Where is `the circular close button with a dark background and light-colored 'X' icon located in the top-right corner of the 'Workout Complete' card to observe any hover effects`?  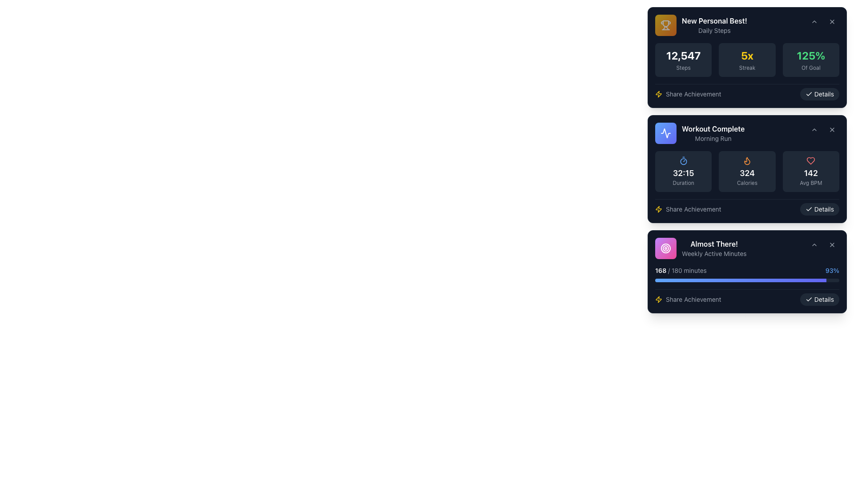 the circular close button with a dark background and light-colored 'X' icon located in the top-right corner of the 'Workout Complete' card to observe any hover effects is located at coordinates (832, 130).